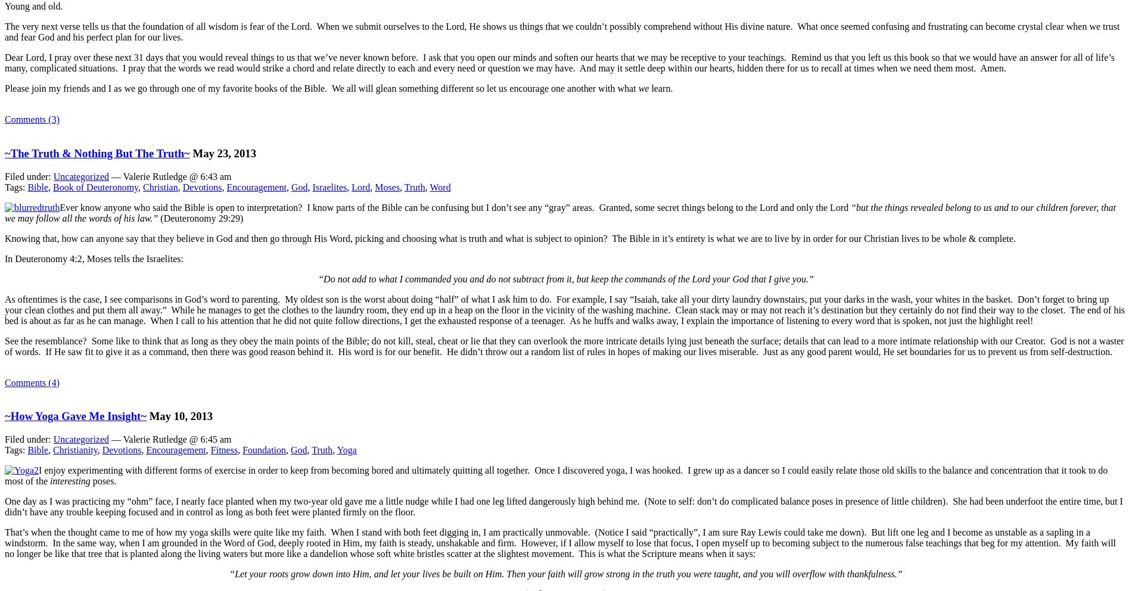 This screenshot has width=1132, height=591. Describe the element at coordinates (169, 439) in the screenshot. I see `'— Valerie Rutledge @ 6:45 am'` at that location.